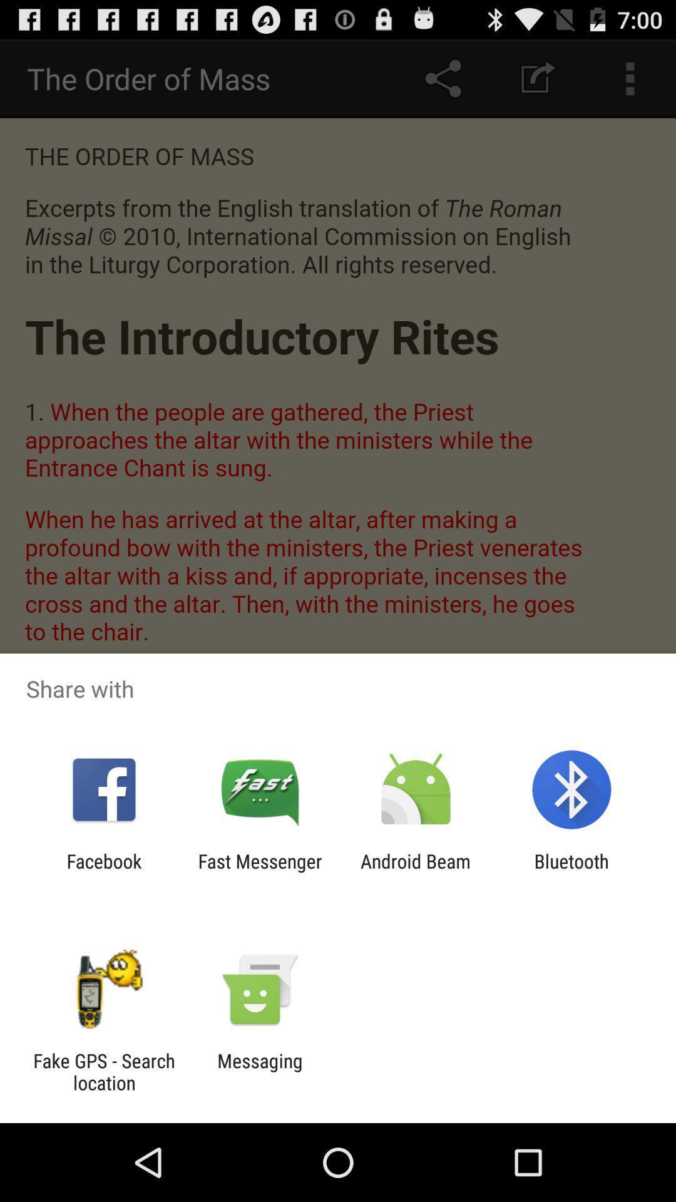 The width and height of the screenshot is (676, 1202). Describe the element at coordinates (416, 871) in the screenshot. I see `the item to the left of bluetooth item` at that location.